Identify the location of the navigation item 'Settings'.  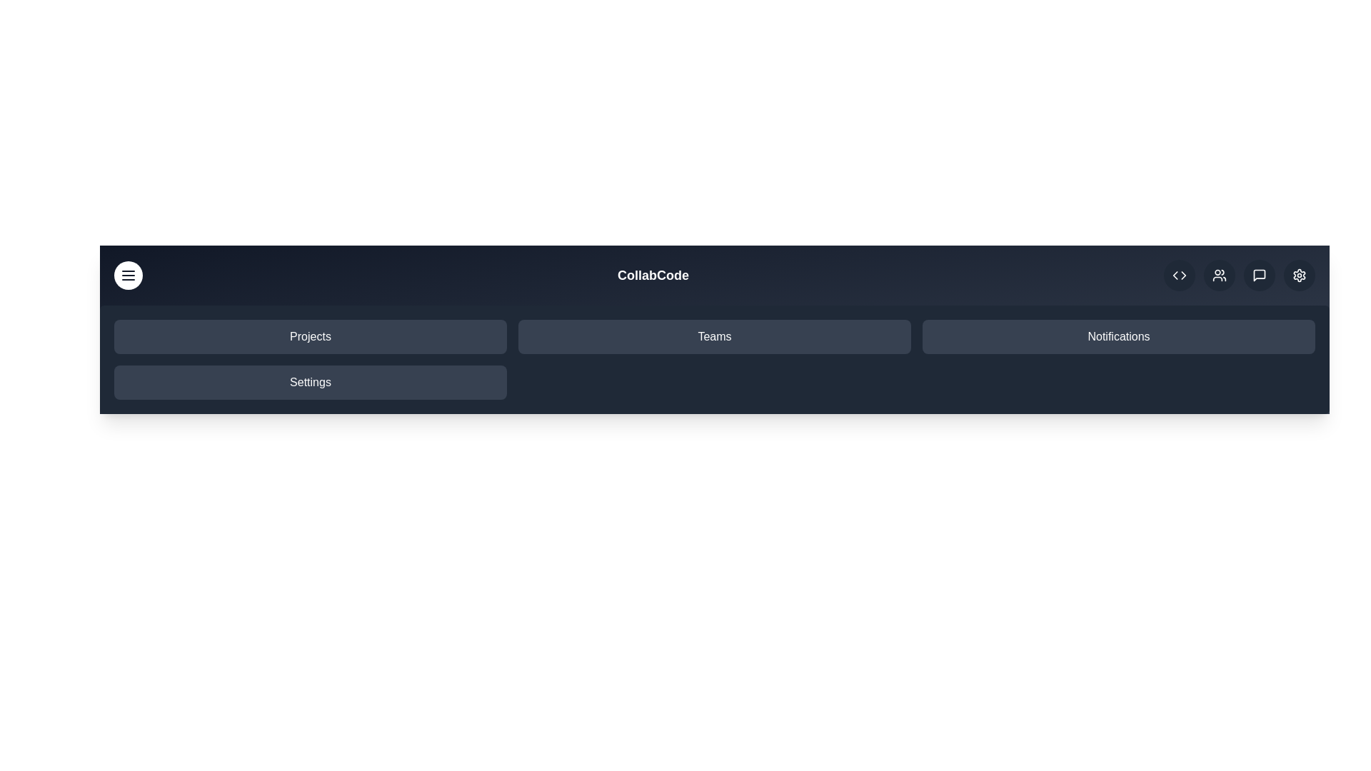
(310, 382).